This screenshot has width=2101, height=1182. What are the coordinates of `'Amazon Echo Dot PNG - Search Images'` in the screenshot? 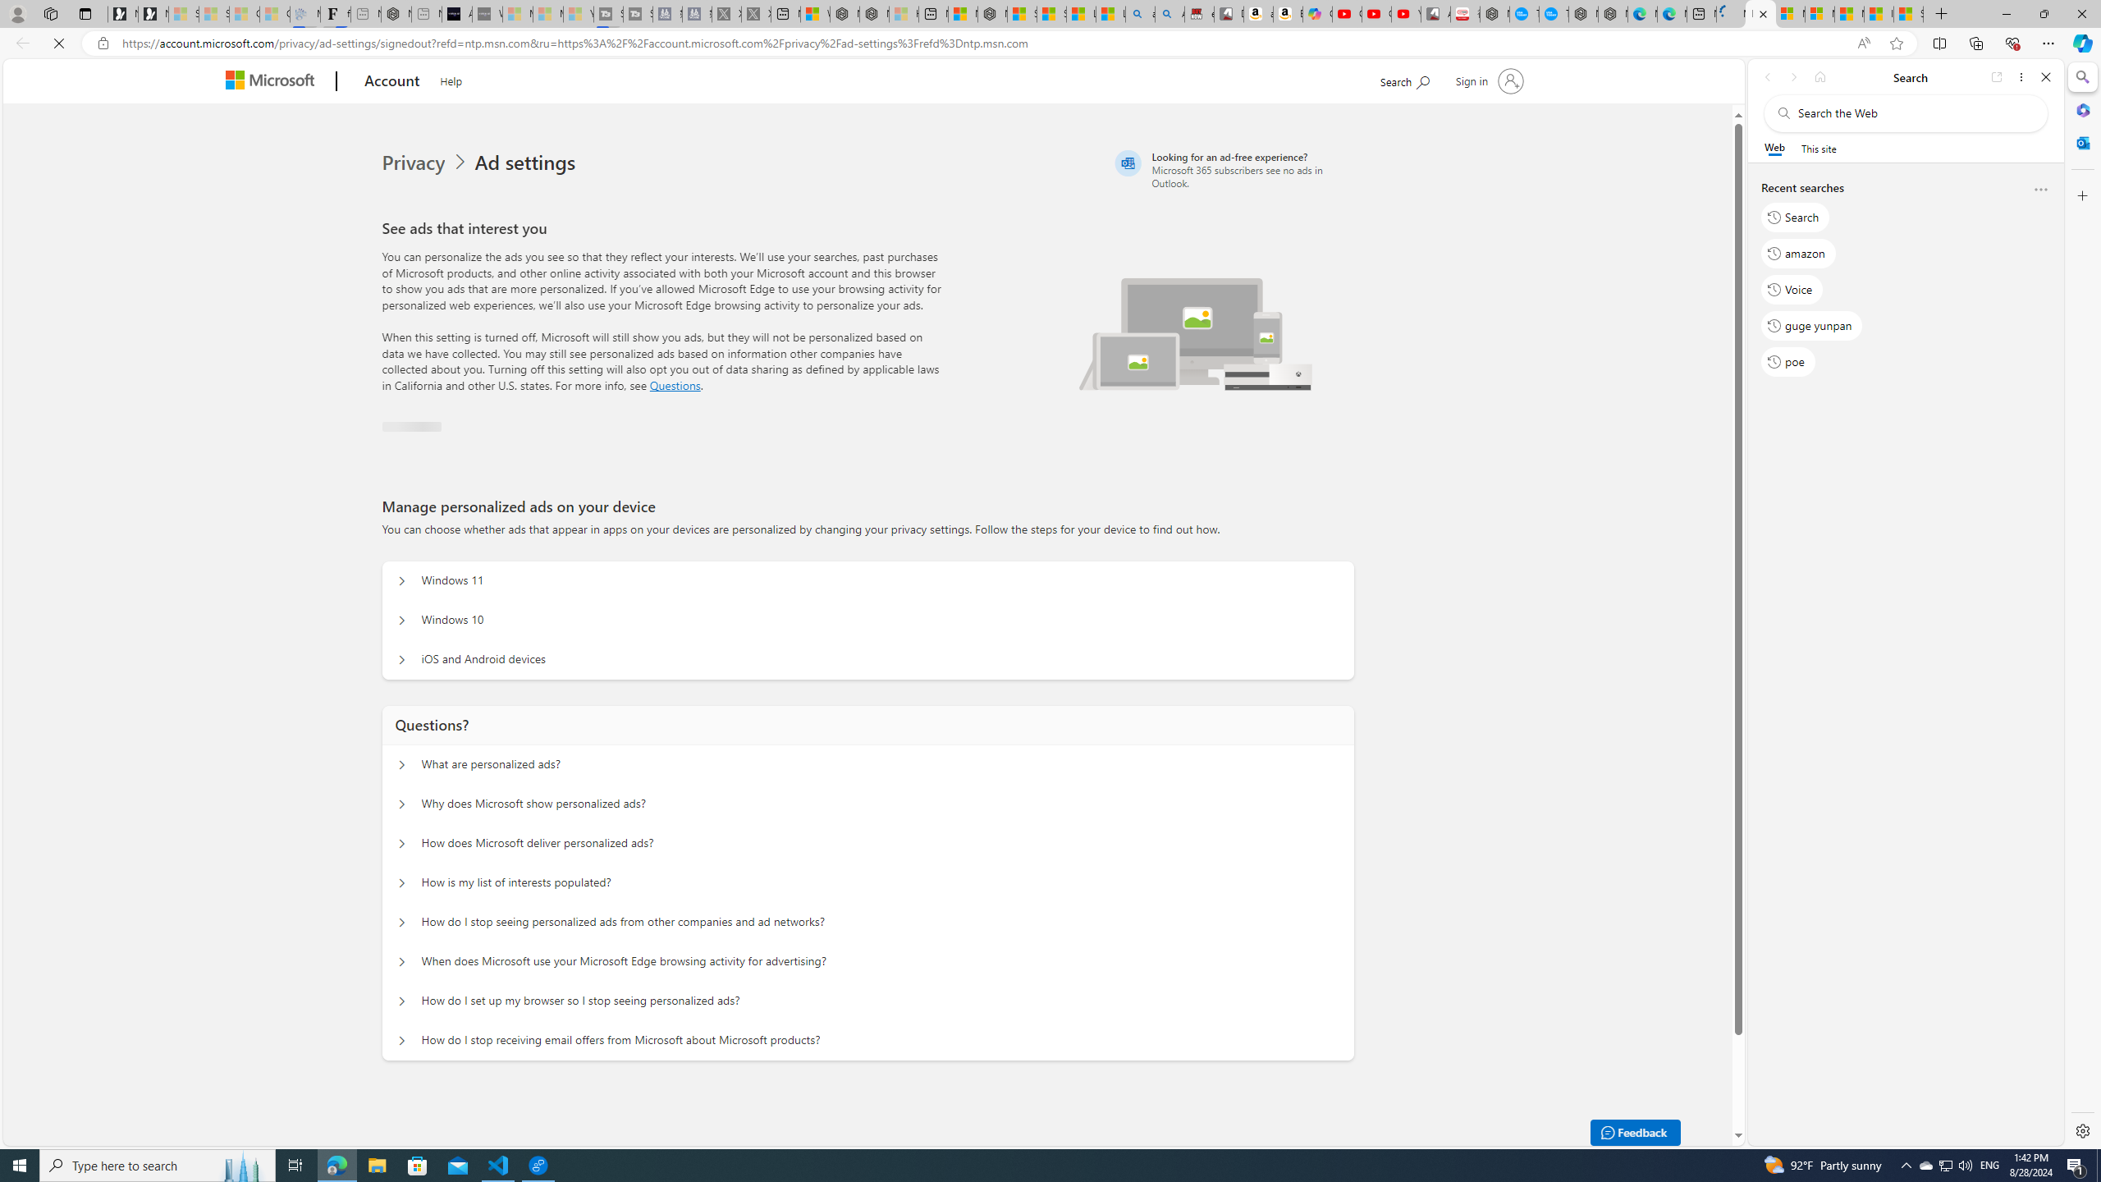 It's located at (1168, 13).